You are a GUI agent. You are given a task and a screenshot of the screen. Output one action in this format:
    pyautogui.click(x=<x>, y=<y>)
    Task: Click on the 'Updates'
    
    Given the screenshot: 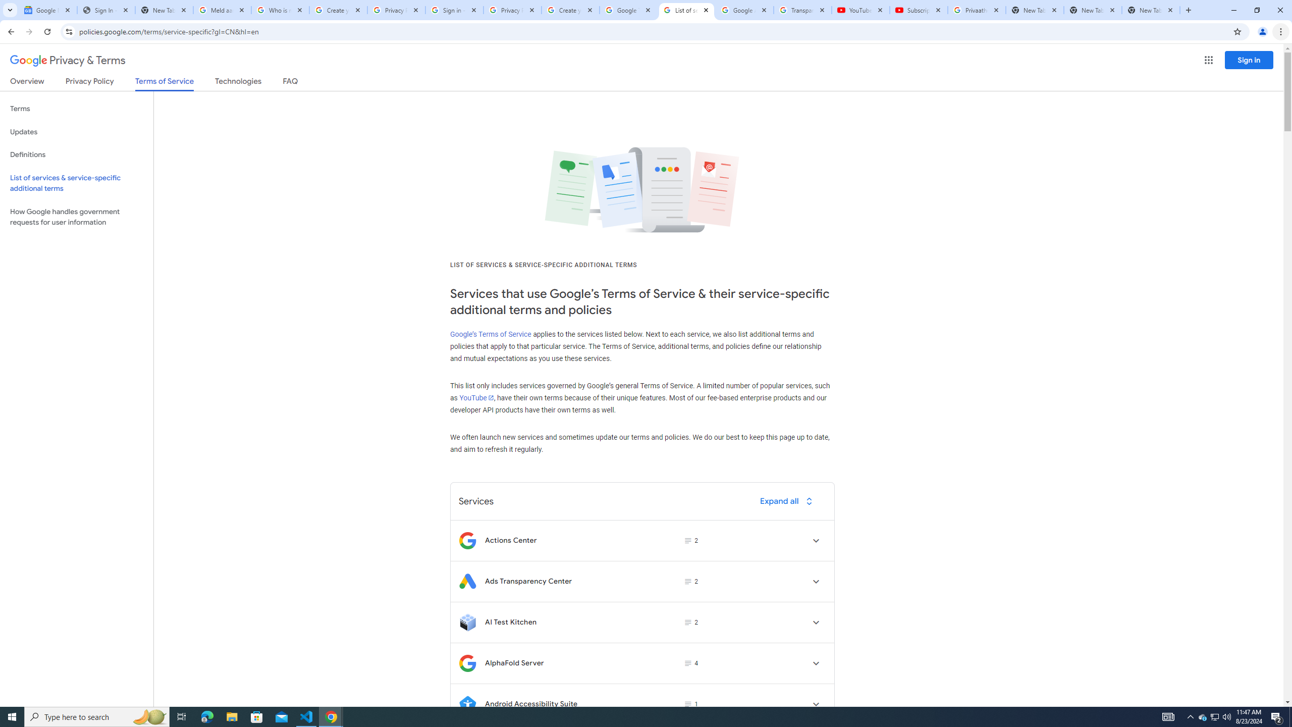 What is the action you would take?
    pyautogui.click(x=76, y=131)
    